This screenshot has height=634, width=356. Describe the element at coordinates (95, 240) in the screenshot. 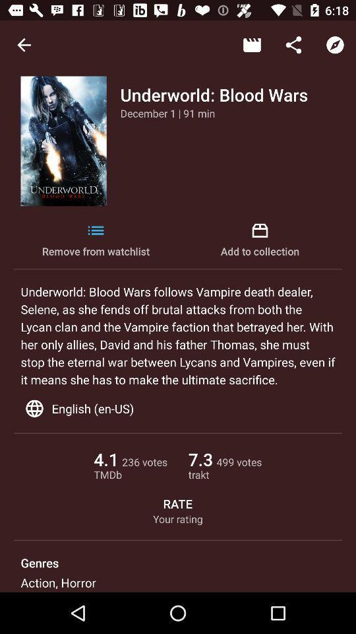

I see `the item to the left of the add to collection` at that location.